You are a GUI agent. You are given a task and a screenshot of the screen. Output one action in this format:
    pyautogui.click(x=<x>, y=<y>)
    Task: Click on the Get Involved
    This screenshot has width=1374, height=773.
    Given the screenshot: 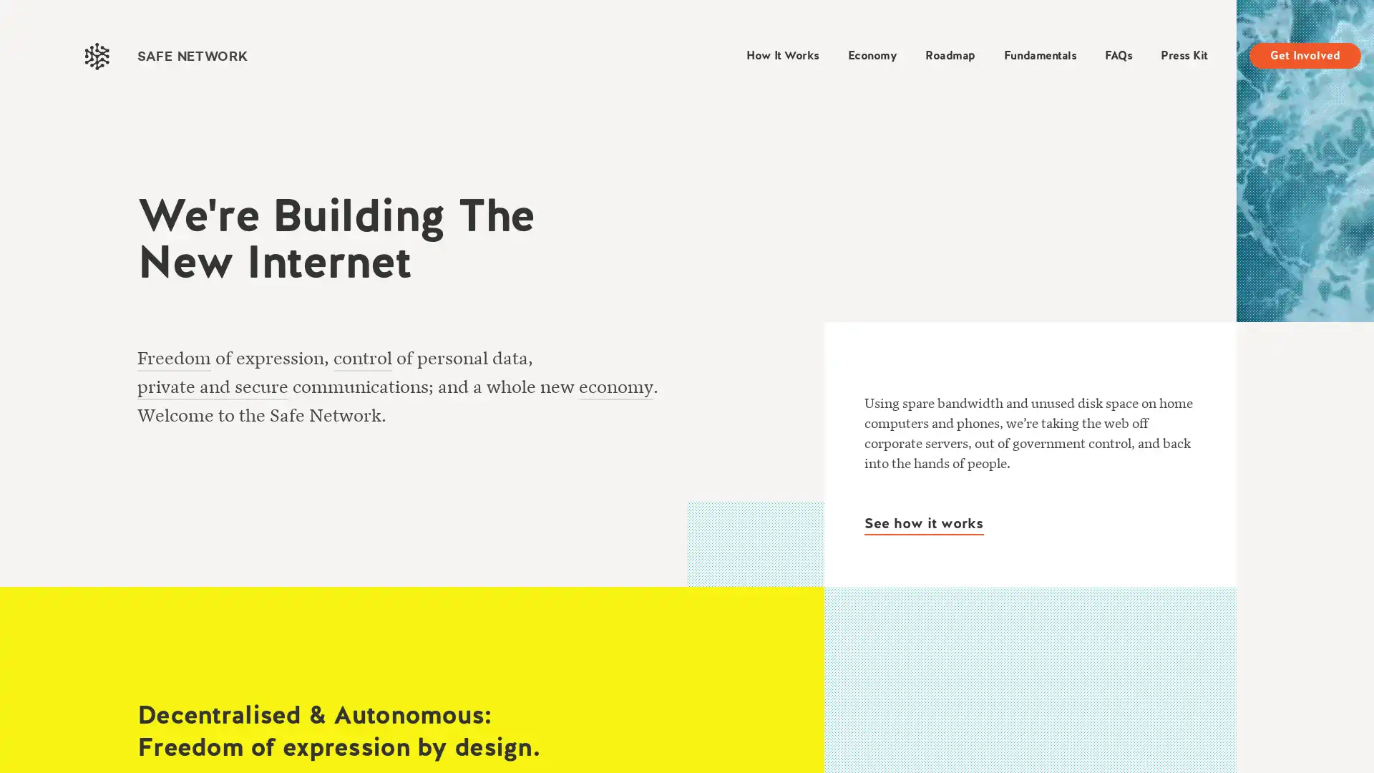 What is the action you would take?
    pyautogui.click(x=1305, y=54)
    